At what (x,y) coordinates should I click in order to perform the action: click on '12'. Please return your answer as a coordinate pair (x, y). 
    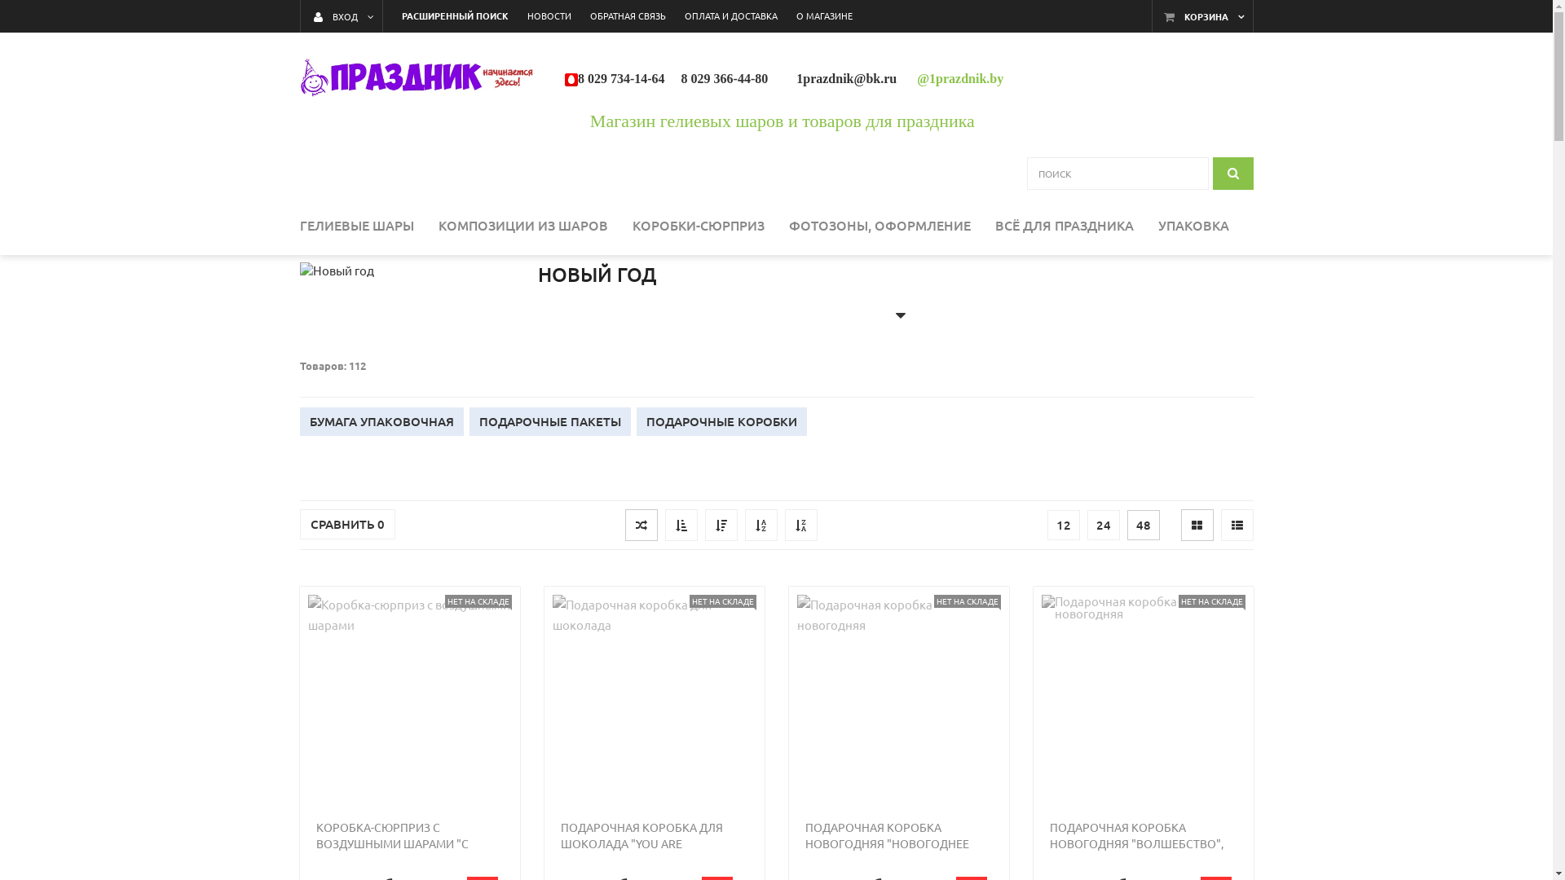
    Looking at the image, I should click on (1046, 525).